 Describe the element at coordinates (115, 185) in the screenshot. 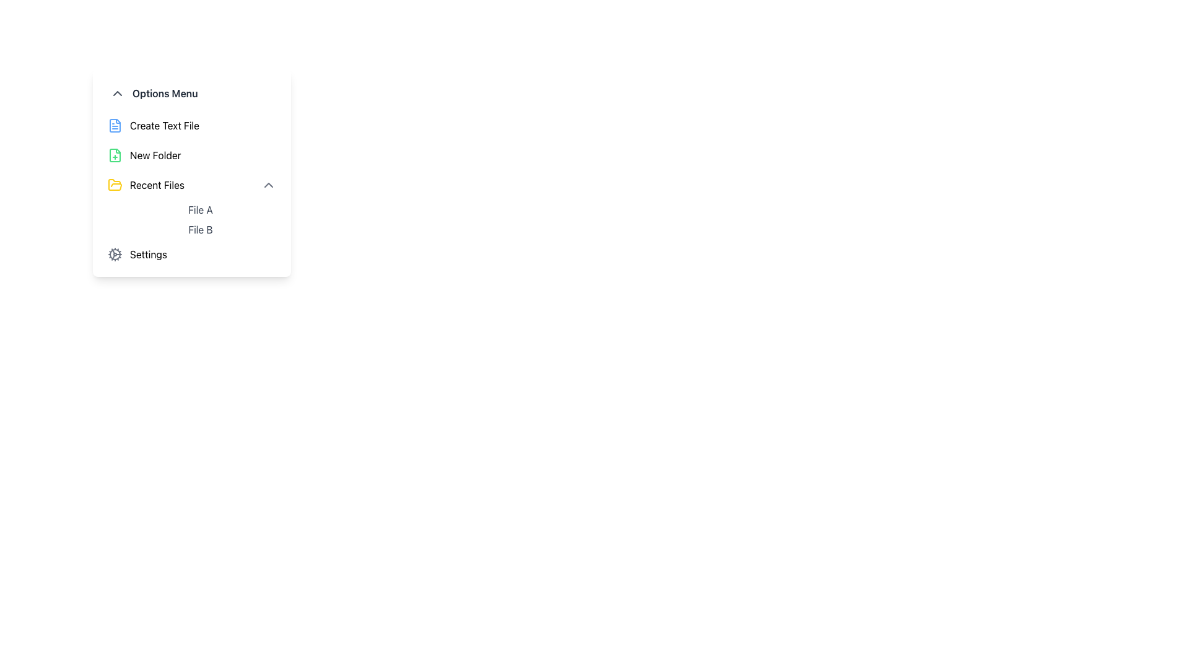

I see `the graphical icon representing the 'Recent Files' menu option, which is the third entry in the hierarchical menu, located to the left of the 'Recent Files' label` at that location.